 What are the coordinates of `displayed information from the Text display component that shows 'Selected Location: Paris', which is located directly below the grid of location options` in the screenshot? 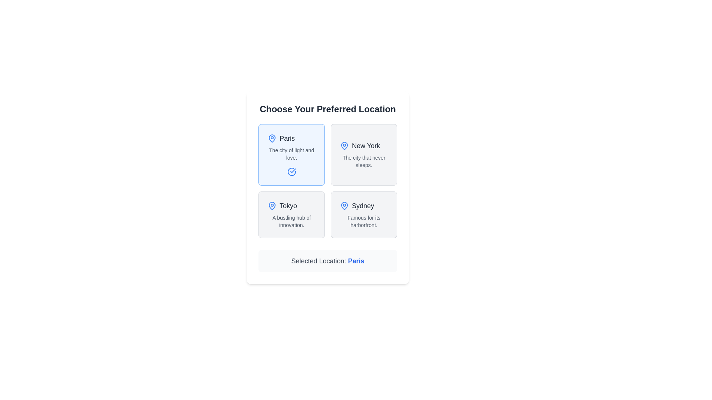 It's located at (327, 261).